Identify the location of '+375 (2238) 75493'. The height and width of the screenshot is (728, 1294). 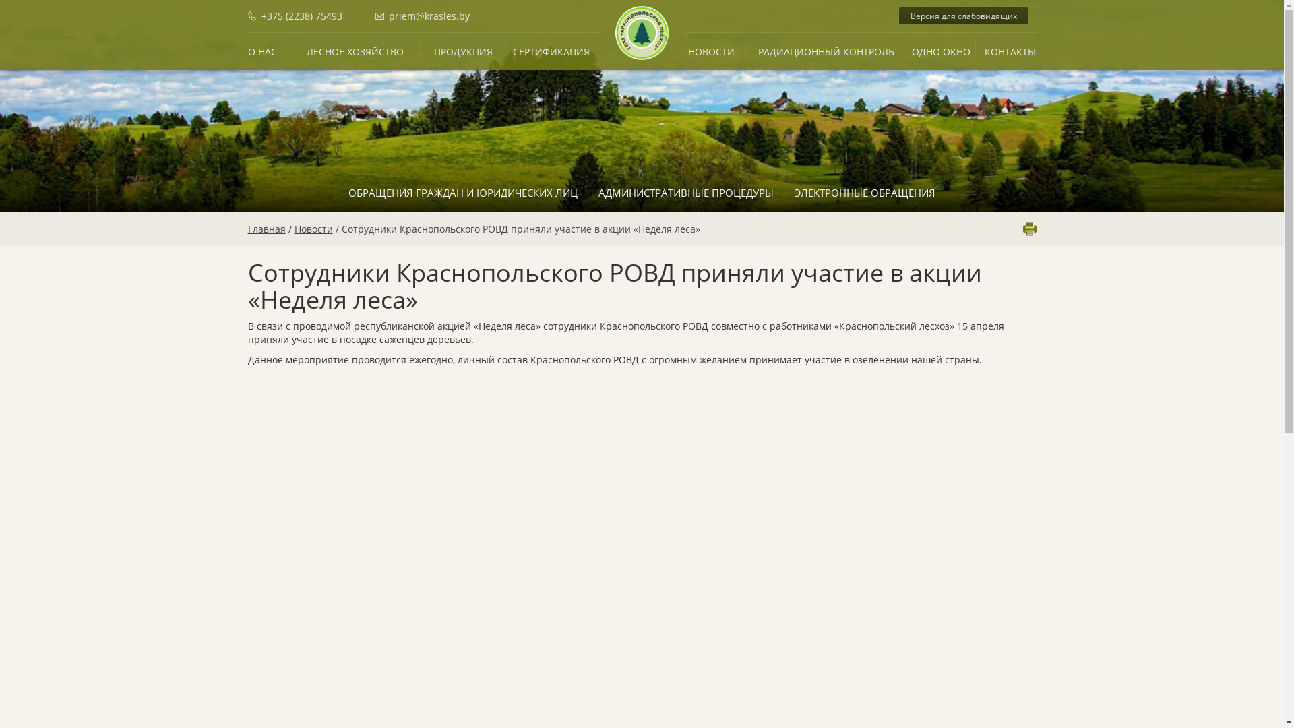
(309, 16).